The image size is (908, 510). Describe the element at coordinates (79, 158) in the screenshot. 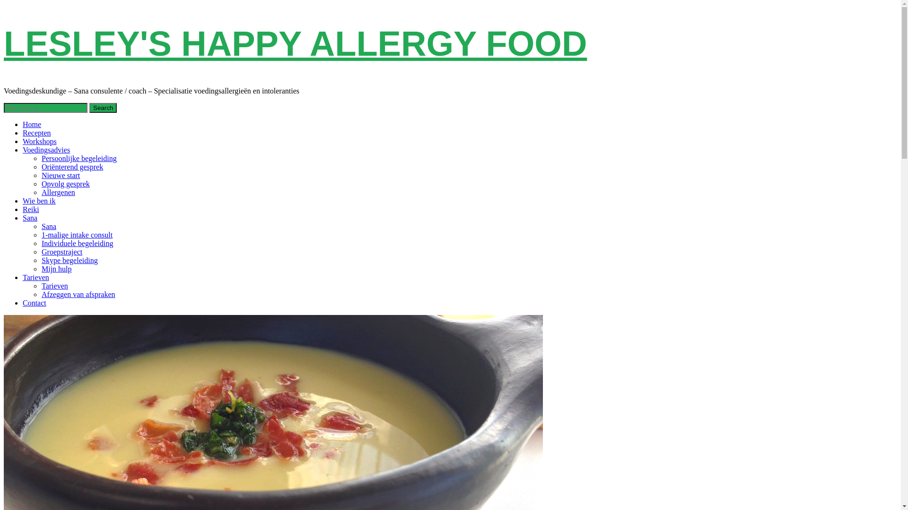

I see `'Persoonlijke begeleiding'` at that location.